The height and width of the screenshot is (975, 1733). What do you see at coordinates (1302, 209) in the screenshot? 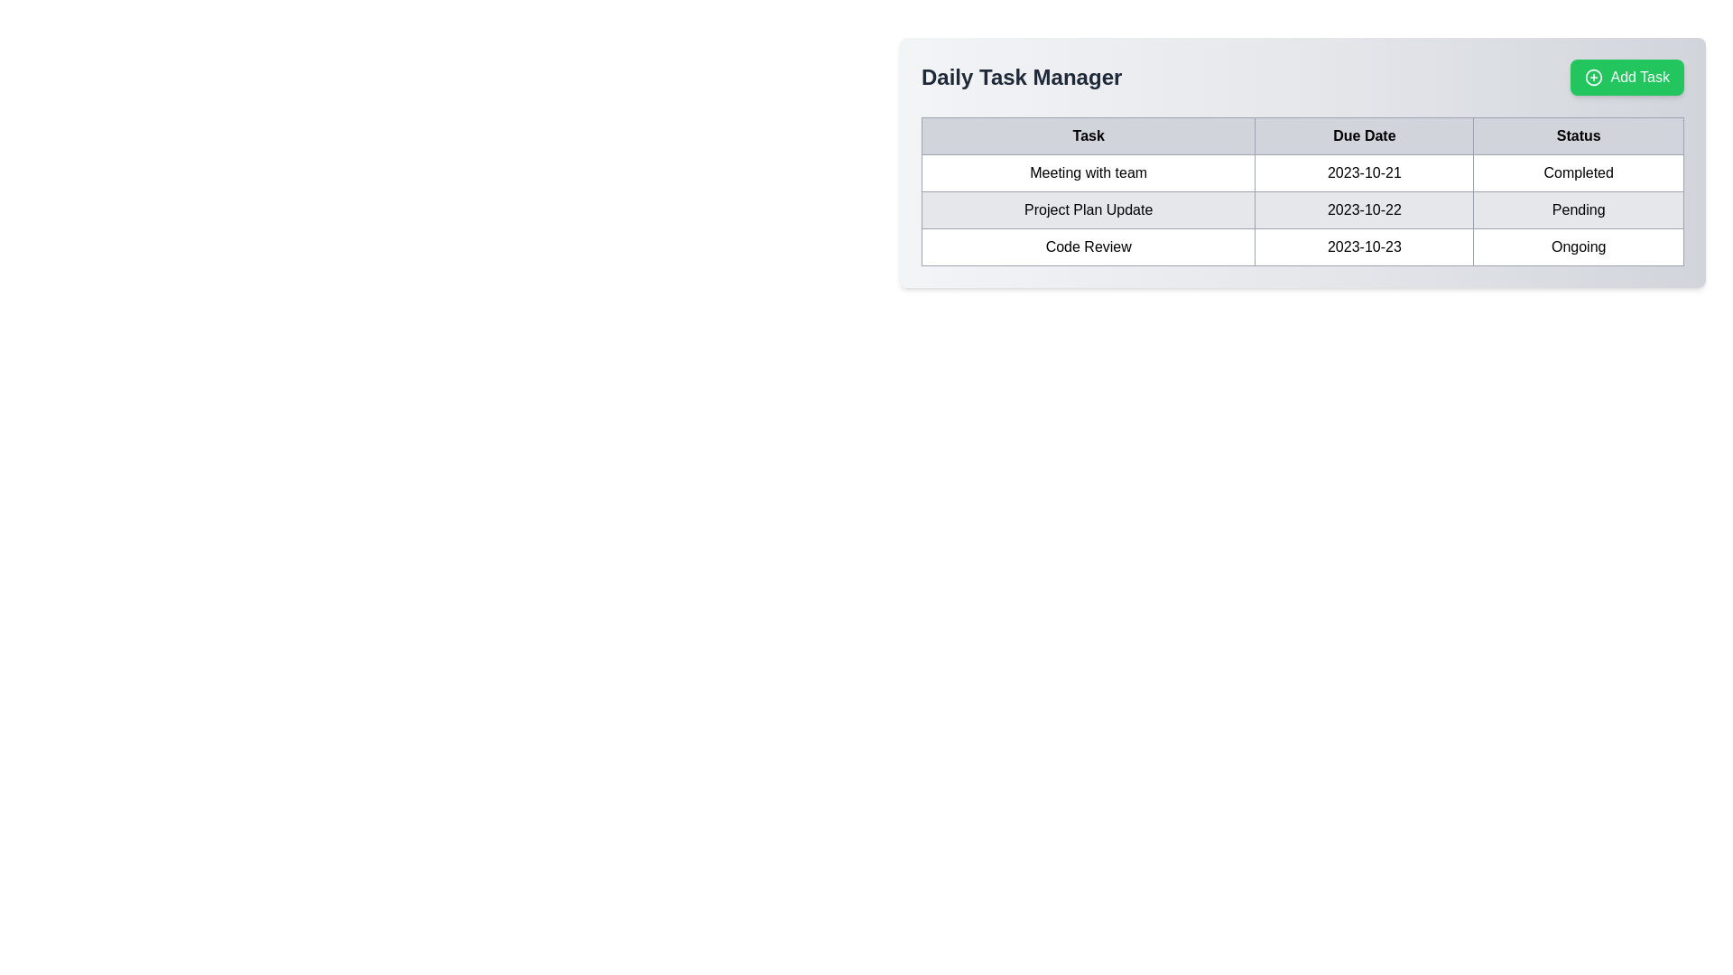
I see `the second row in the table that displays data related to the task 'Project Plan Update', located between 'Meeting with team' and 'Code Review'` at bounding box center [1302, 209].